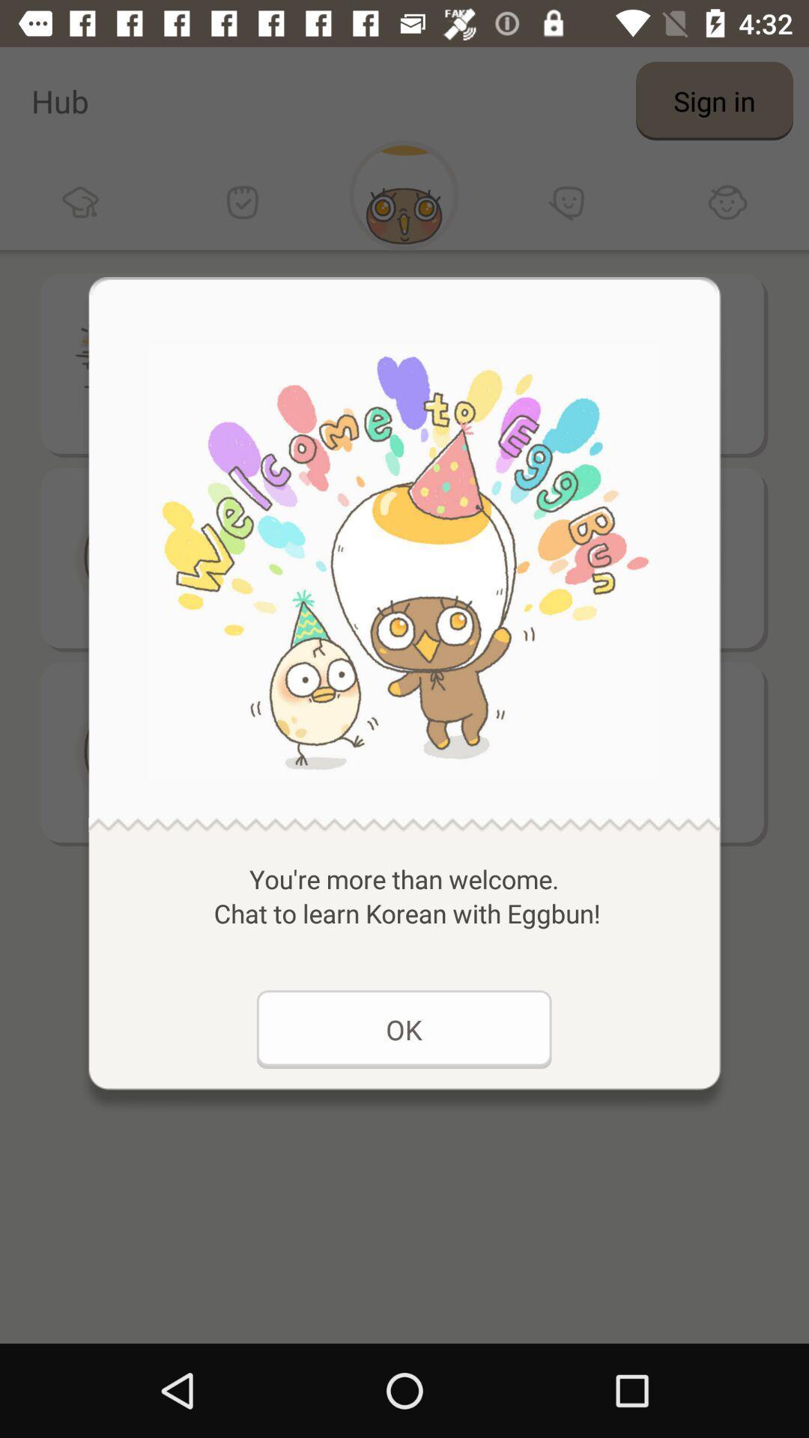  What do you see at coordinates (403, 1028) in the screenshot?
I see `the ok` at bounding box center [403, 1028].